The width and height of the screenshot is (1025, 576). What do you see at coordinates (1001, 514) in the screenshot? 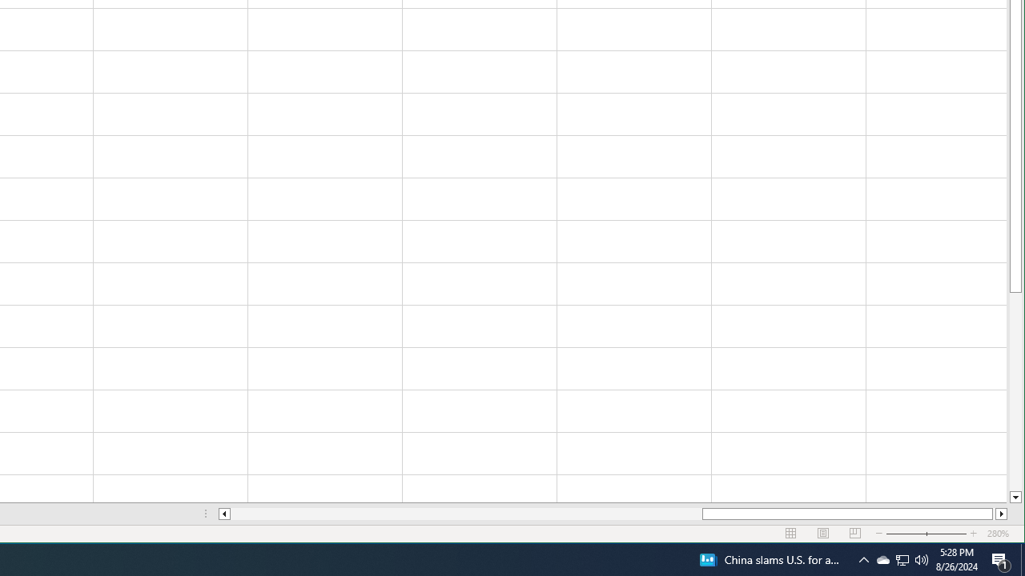
I see `'Column right'` at bounding box center [1001, 514].